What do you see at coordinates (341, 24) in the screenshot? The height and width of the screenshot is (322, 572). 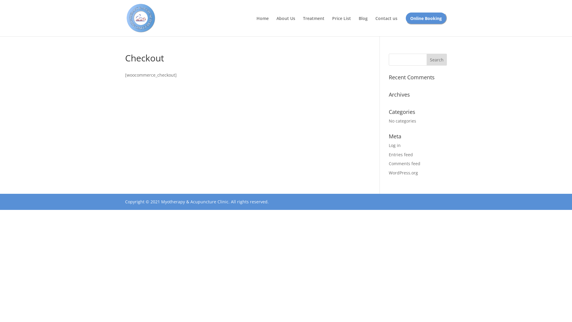 I see `'Price List'` at bounding box center [341, 24].